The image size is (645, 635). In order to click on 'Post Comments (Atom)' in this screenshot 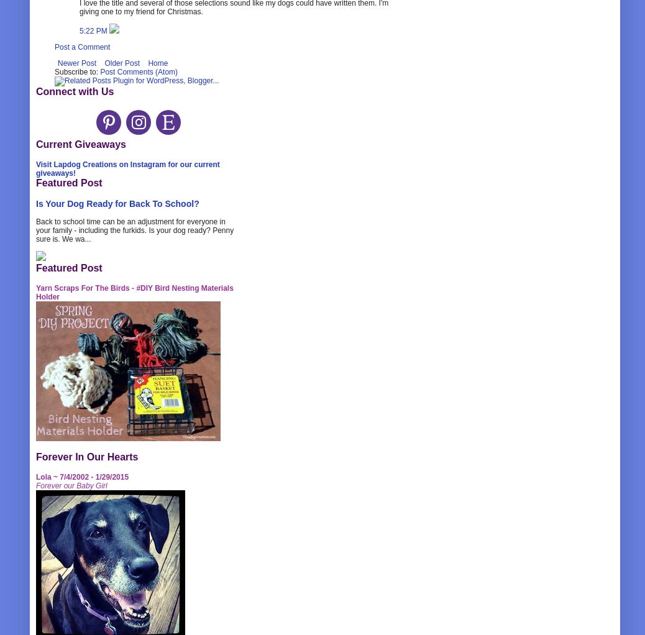, I will do `click(138, 71)`.